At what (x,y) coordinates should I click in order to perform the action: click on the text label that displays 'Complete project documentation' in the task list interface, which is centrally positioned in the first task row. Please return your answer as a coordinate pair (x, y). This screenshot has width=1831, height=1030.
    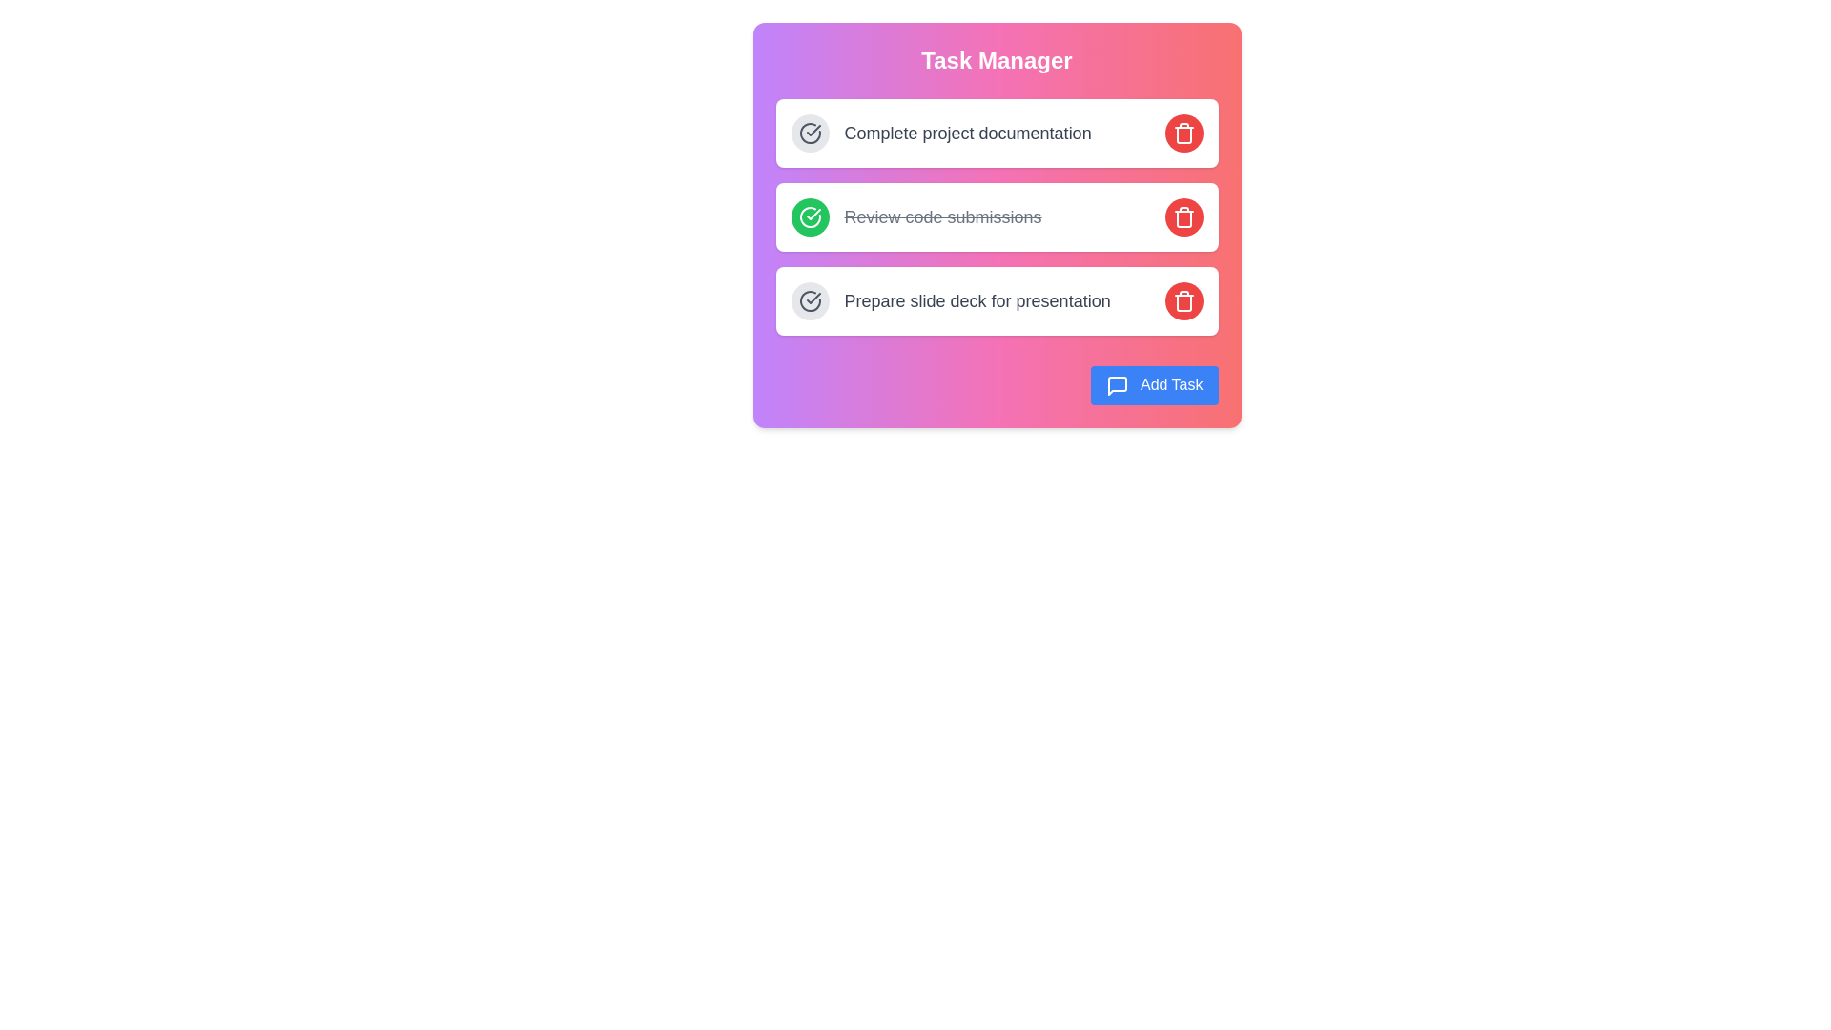
    Looking at the image, I should click on (968, 132).